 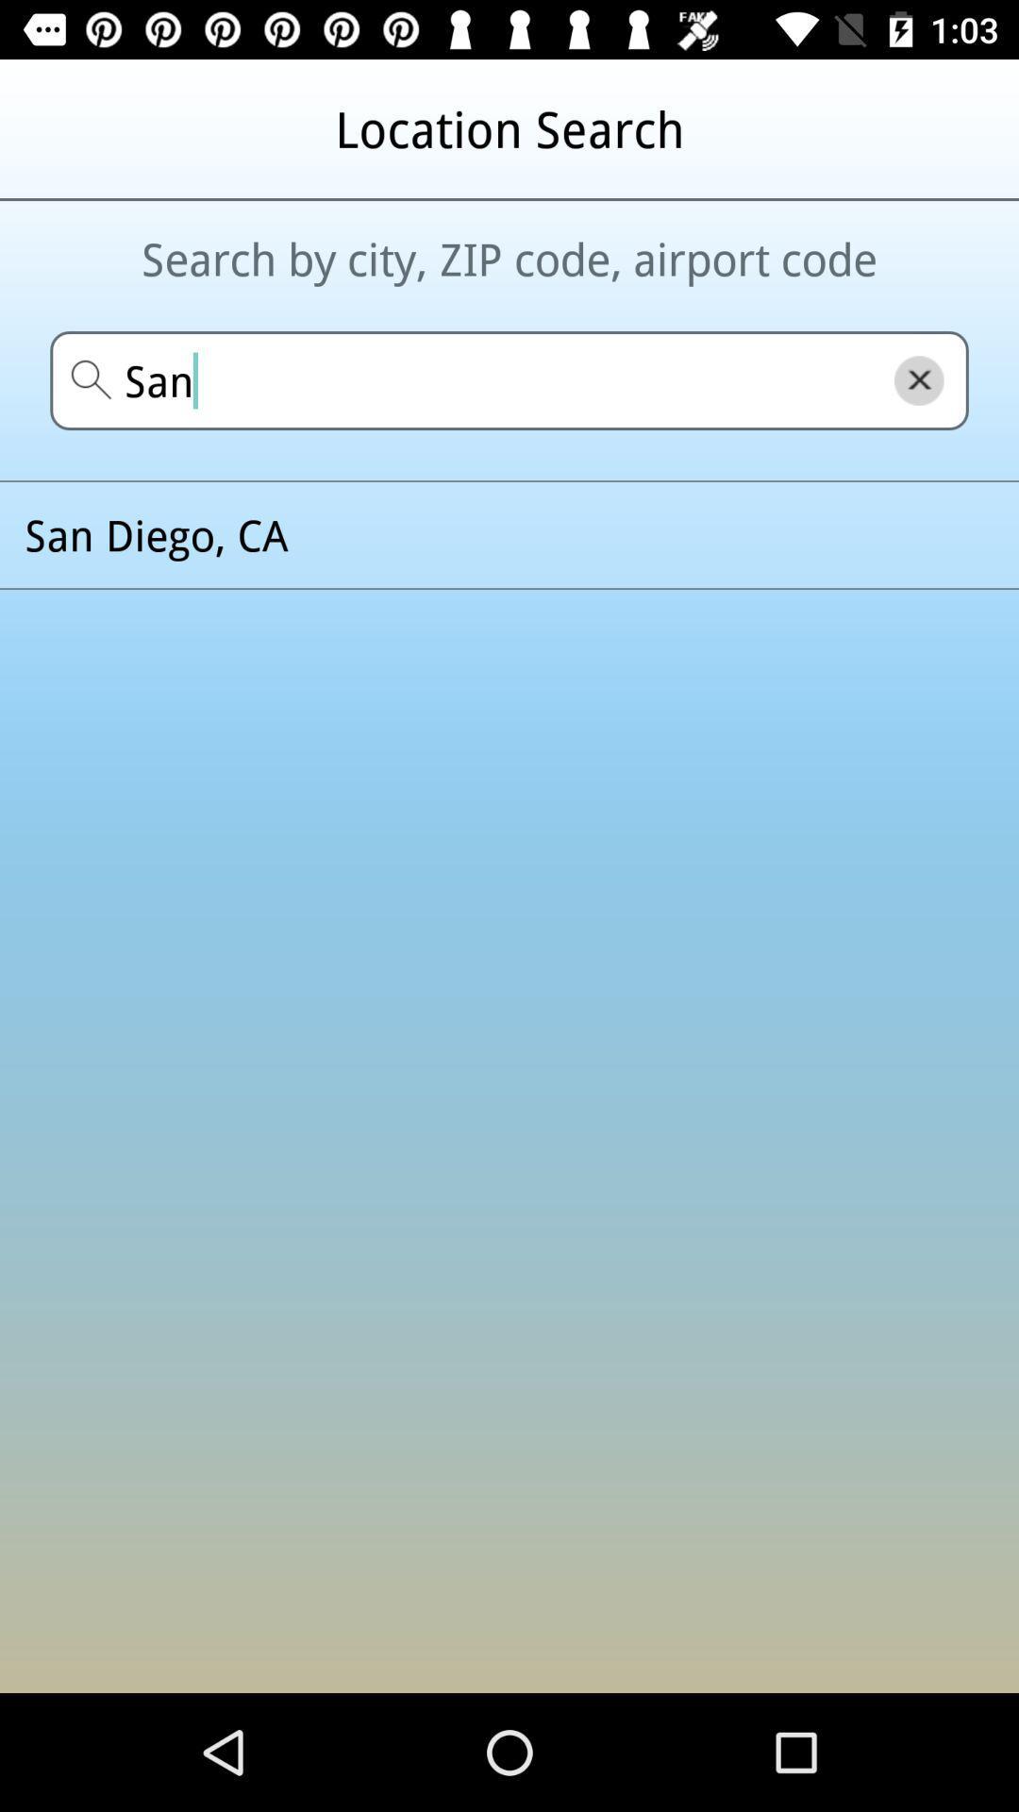 What do you see at coordinates (92, 379) in the screenshot?
I see `the search icon` at bounding box center [92, 379].